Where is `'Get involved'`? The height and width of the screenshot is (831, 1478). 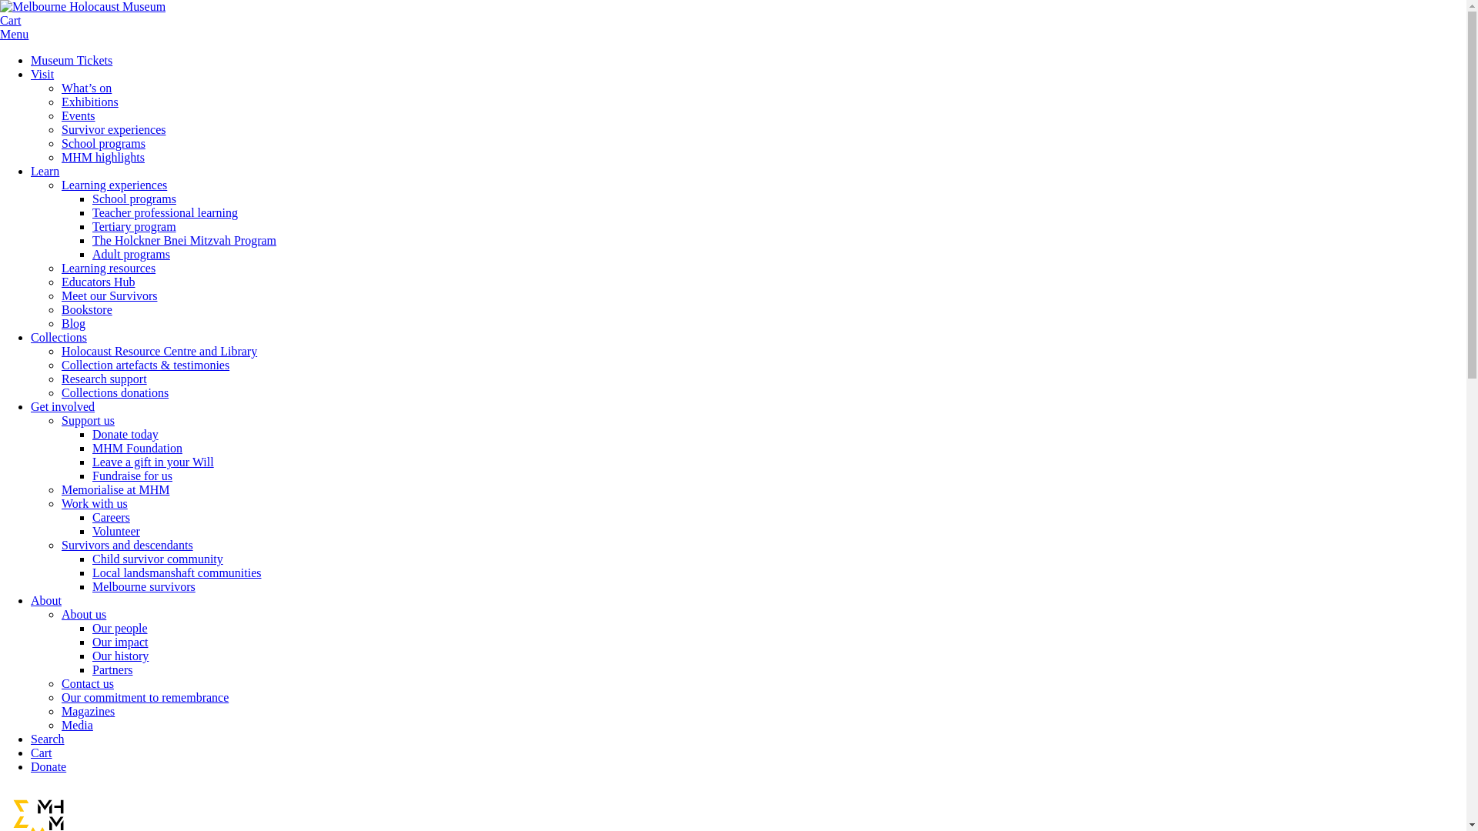 'Get involved' is located at coordinates (62, 405).